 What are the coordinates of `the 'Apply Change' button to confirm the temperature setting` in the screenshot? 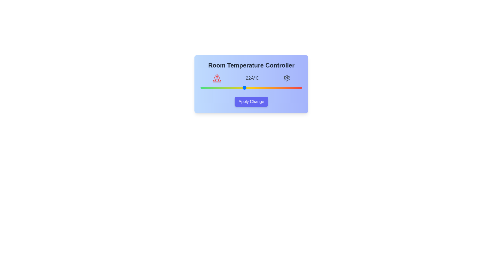 It's located at (251, 102).